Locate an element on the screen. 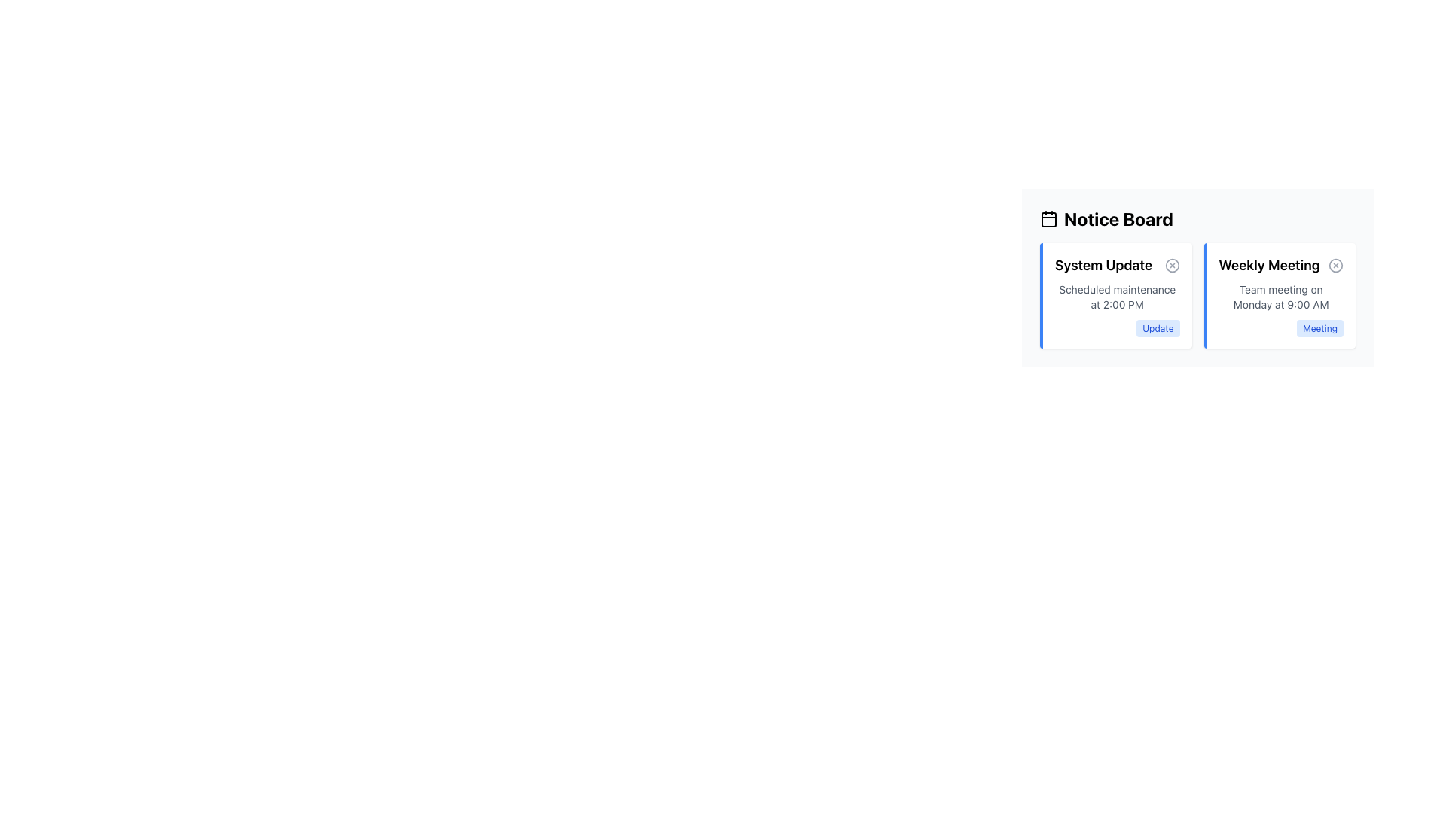 Image resolution: width=1446 pixels, height=813 pixels. the circular graphic element that indicates the cancel or close functionality, located inside the icon to the right of the 'System Update' heading is located at coordinates (1171, 265).